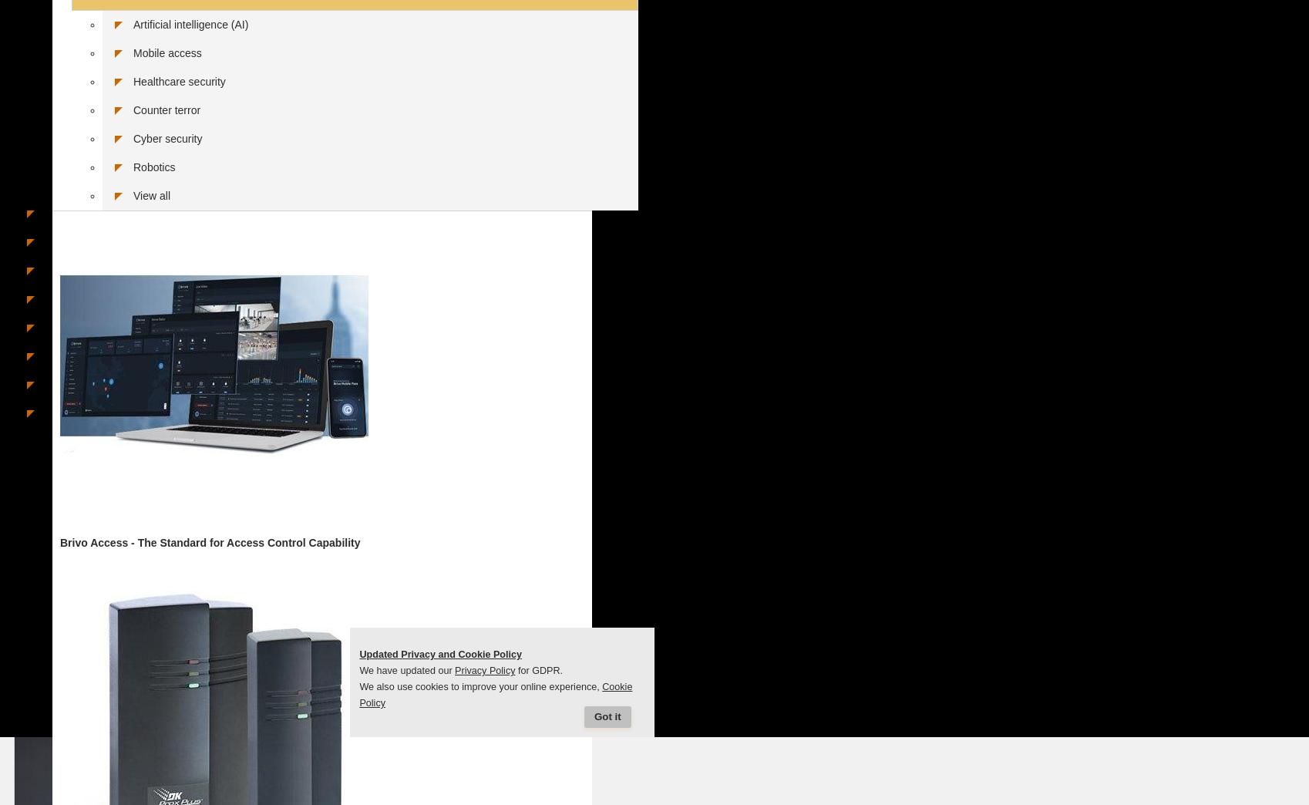 Image resolution: width=1309 pixels, height=805 pixels. Describe the element at coordinates (167, 108) in the screenshot. I see `'Counter terror'` at that location.